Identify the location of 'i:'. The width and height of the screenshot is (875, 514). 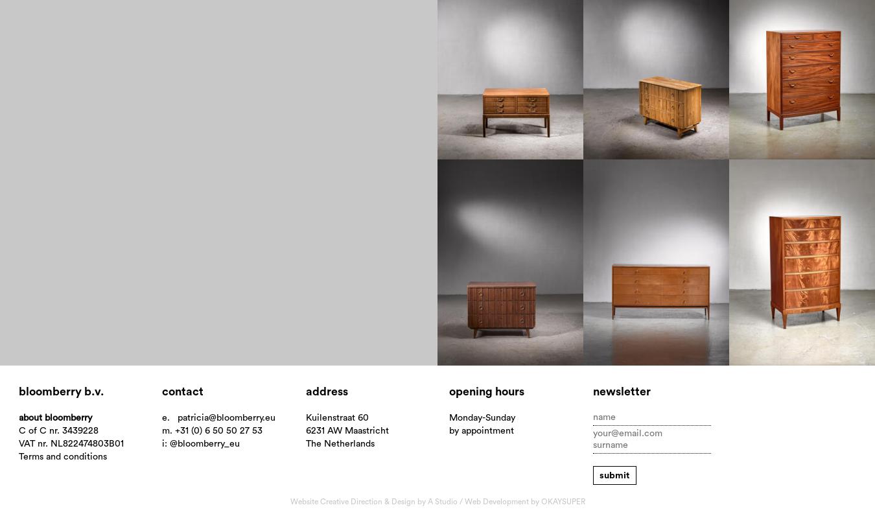
(165, 443).